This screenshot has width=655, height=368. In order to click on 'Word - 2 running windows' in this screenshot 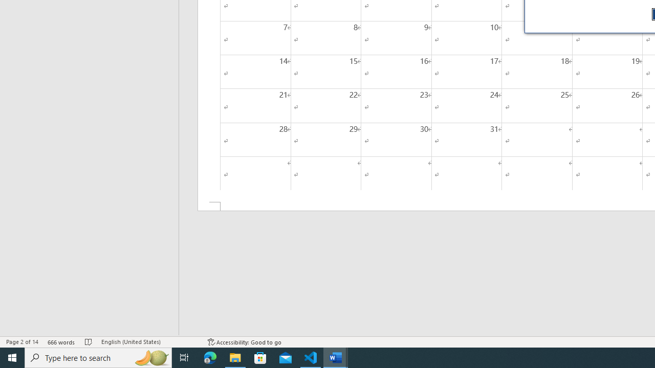, I will do `click(336, 357)`.